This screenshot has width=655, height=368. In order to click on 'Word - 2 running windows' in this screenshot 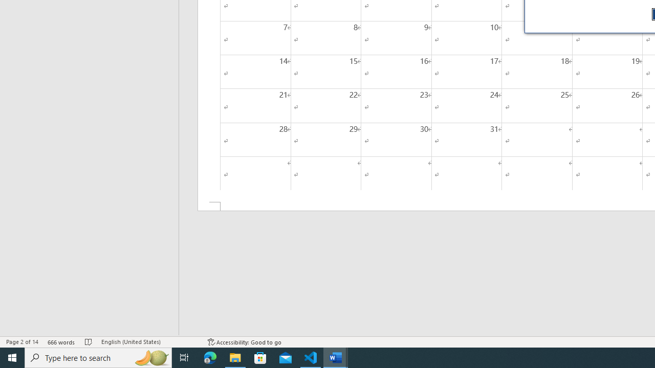, I will do `click(336, 357)`.